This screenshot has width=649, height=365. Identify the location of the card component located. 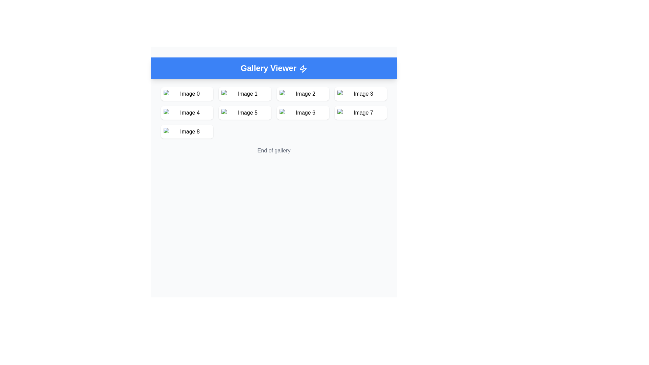
(303, 94).